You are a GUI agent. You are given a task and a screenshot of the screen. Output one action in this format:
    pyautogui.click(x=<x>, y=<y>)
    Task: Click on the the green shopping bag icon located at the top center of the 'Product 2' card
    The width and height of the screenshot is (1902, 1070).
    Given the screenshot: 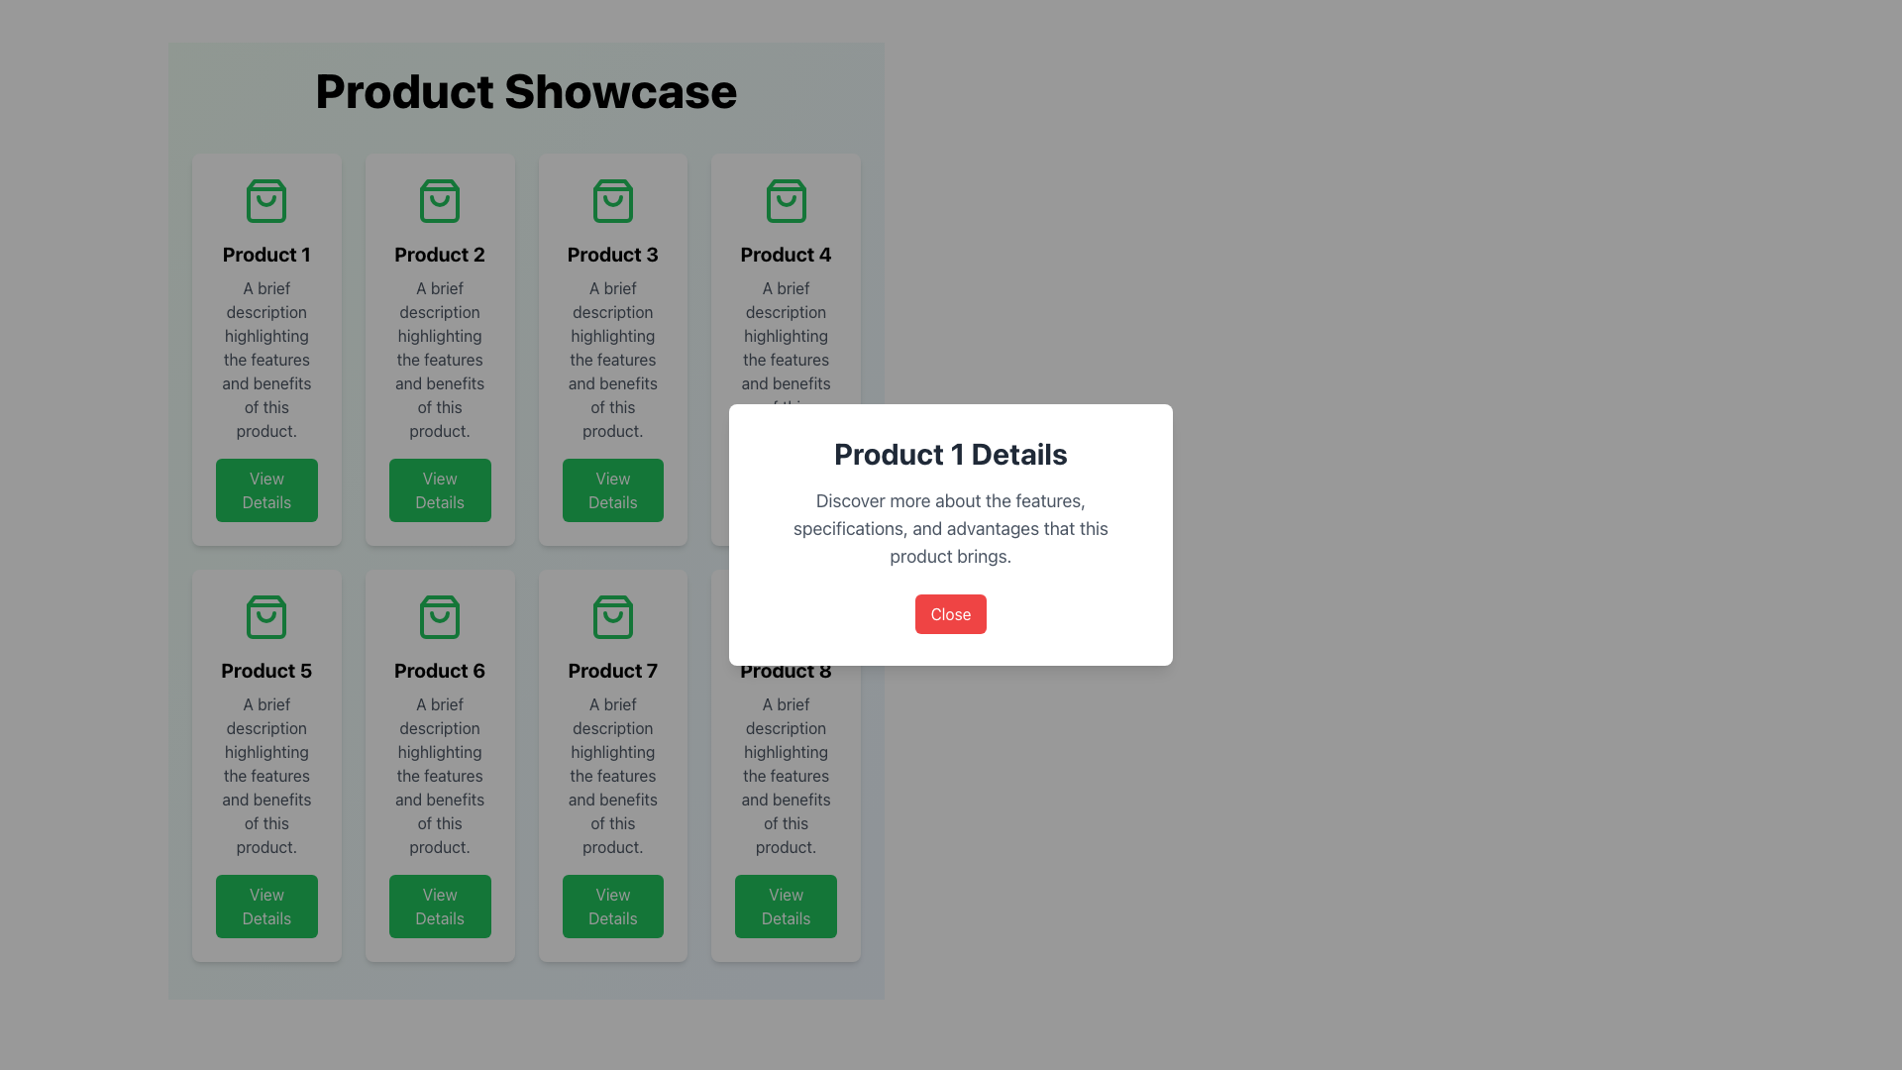 What is the action you would take?
    pyautogui.click(x=439, y=201)
    